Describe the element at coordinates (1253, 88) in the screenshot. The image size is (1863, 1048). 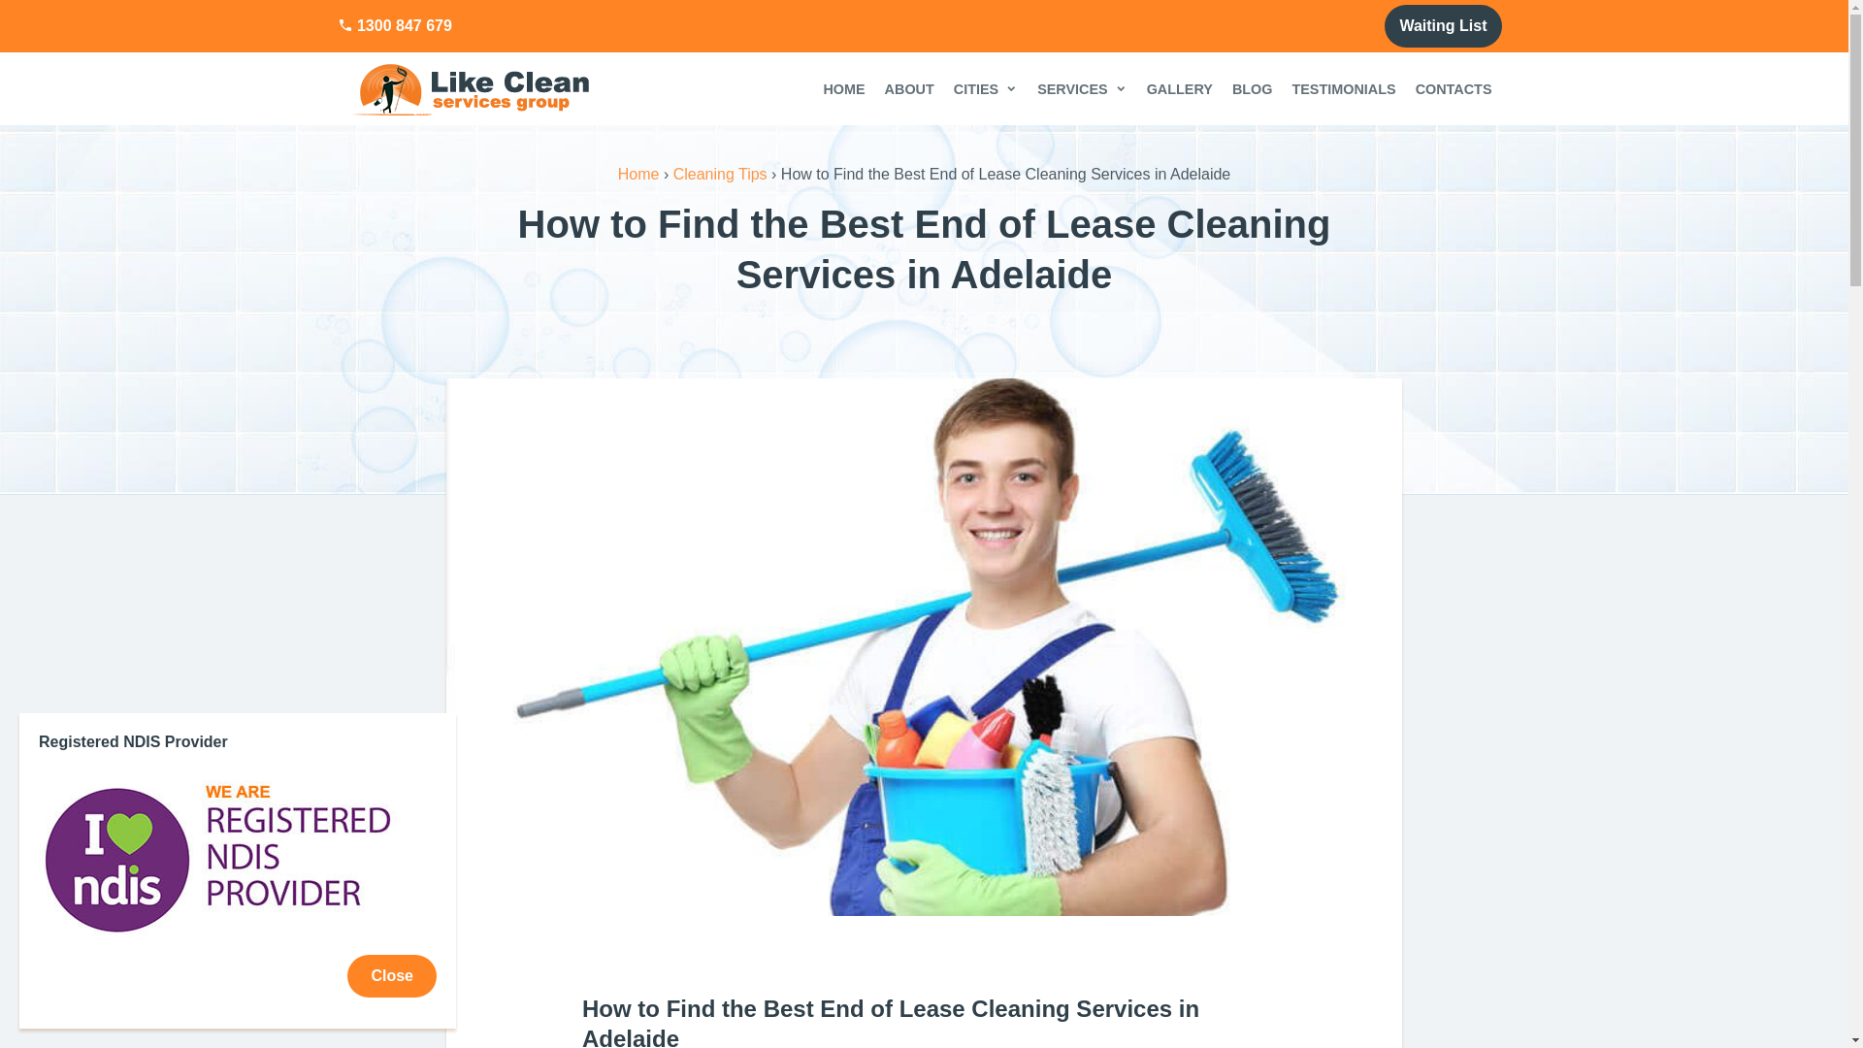
I see `'BLOG'` at that location.